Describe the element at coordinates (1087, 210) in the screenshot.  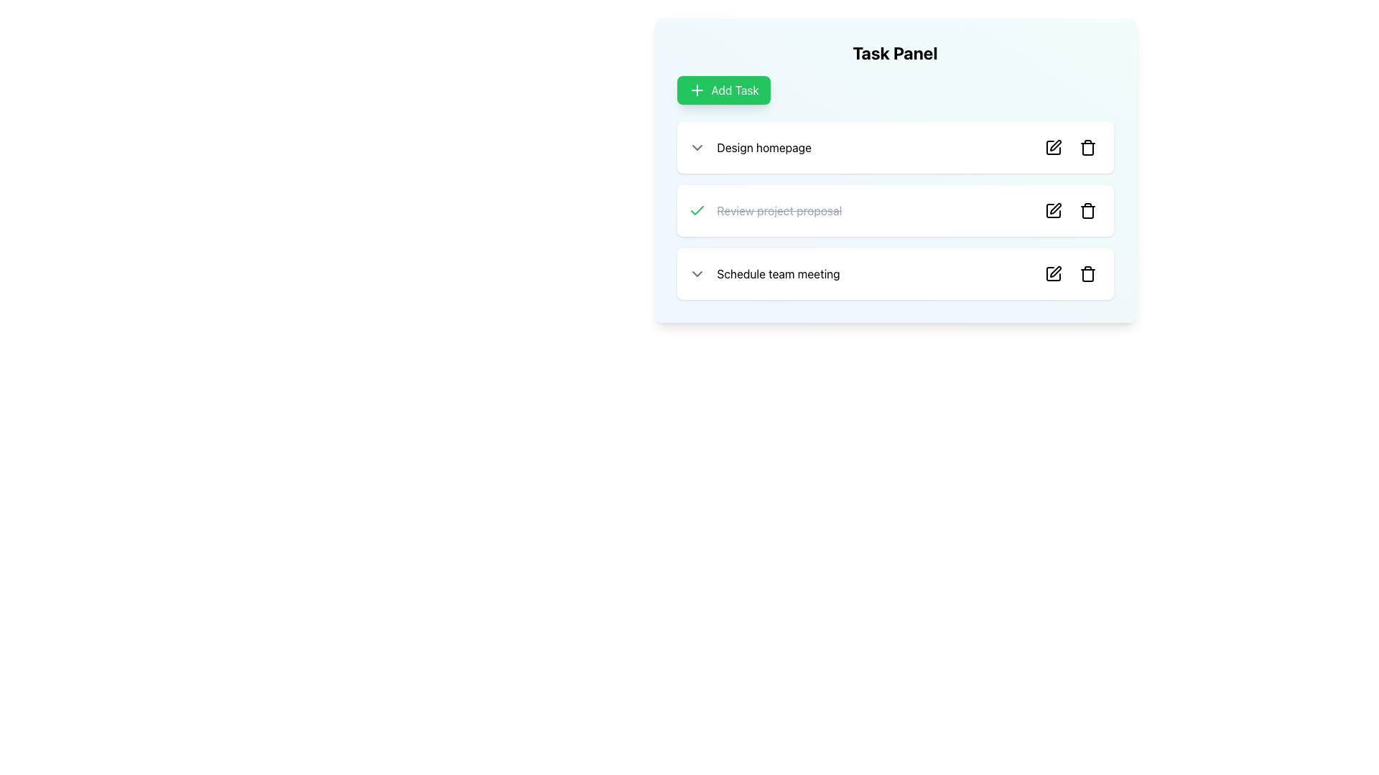
I see `the delete button, which is the second interactive icon in the action buttons row to the right of the 'Review project proposal' task item in the second task row of the 'Task Panel'` at that location.